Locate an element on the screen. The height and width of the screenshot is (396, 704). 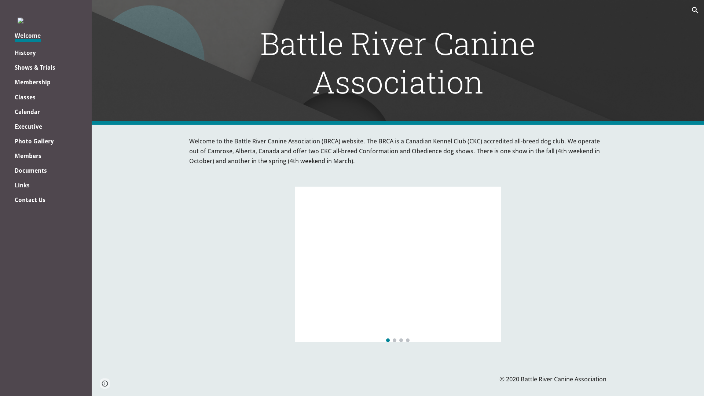
'Shows & Trials' is located at coordinates (34, 67).